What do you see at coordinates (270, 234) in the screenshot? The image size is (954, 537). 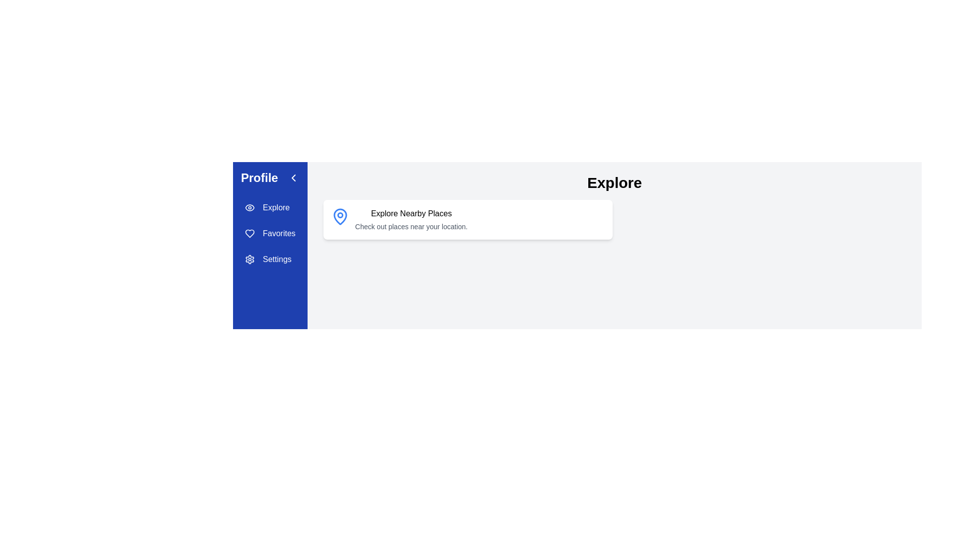 I see `the 'Favorites' button in the vertical navigation menu` at bounding box center [270, 234].